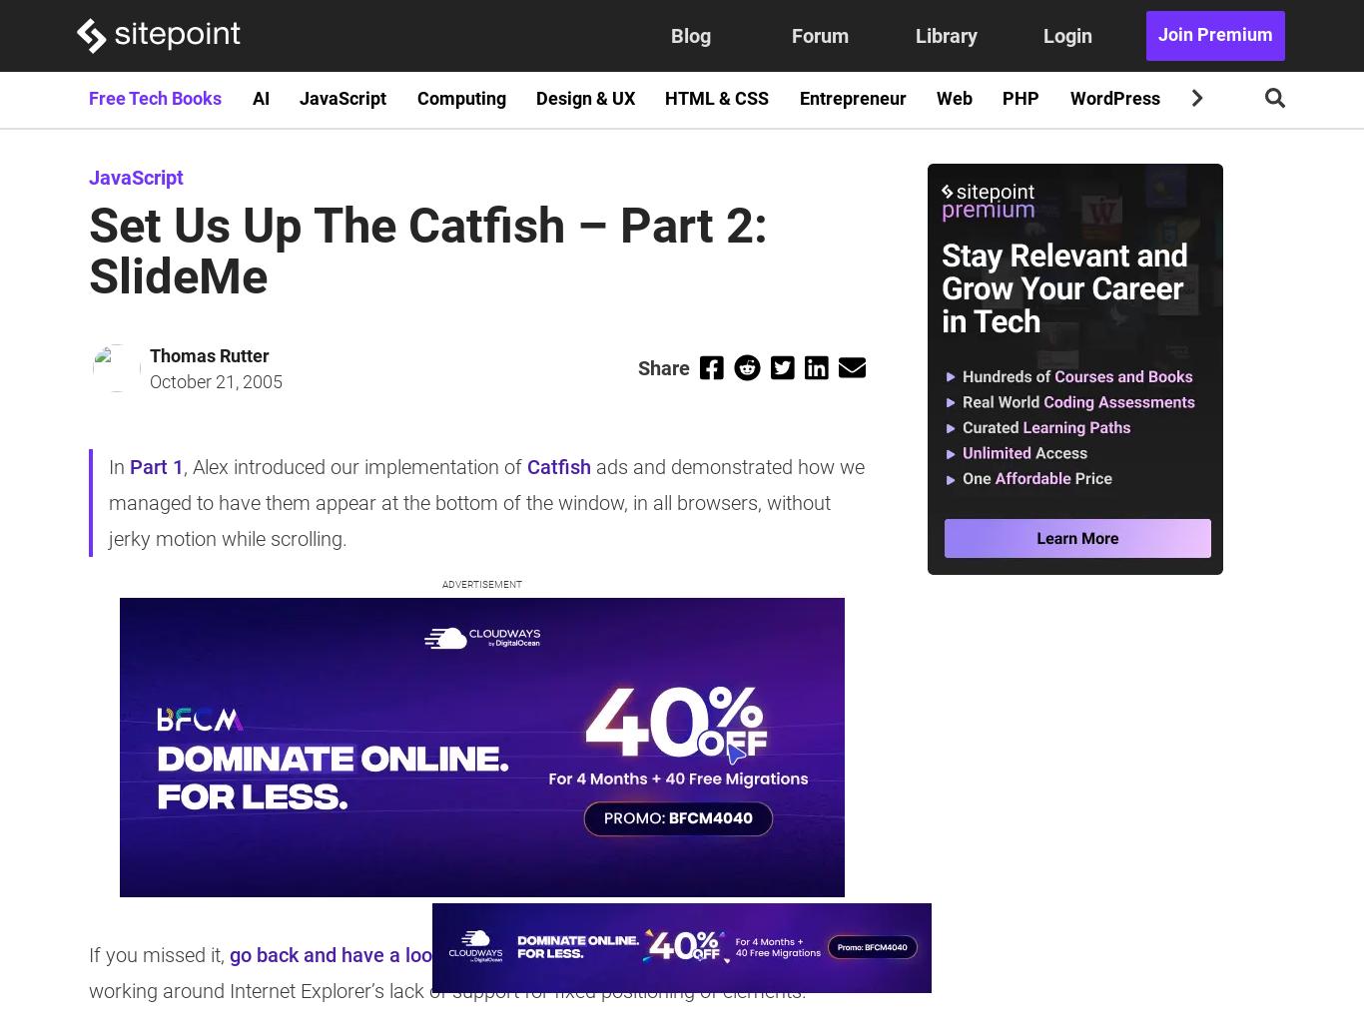 The width and height of the screenshot is (1364, 1031). Describe the element at coordinates (148, 354) in the screenshot. I see `'Thomas Rutter'` at that location.